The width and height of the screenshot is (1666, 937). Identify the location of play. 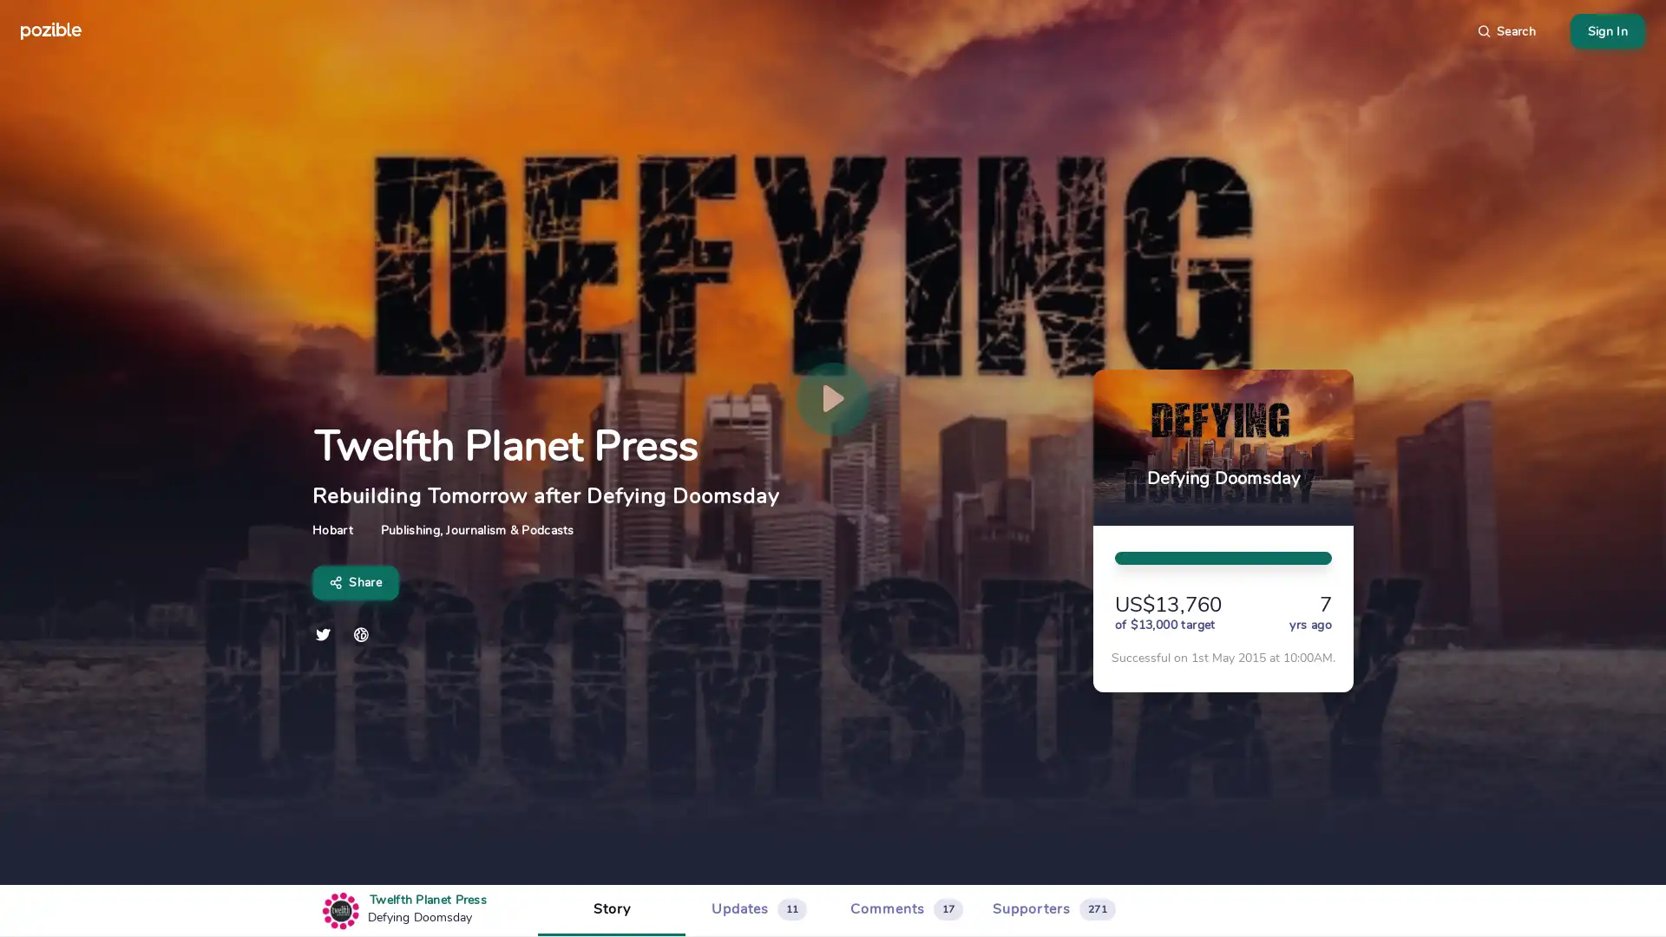
(833, 398).